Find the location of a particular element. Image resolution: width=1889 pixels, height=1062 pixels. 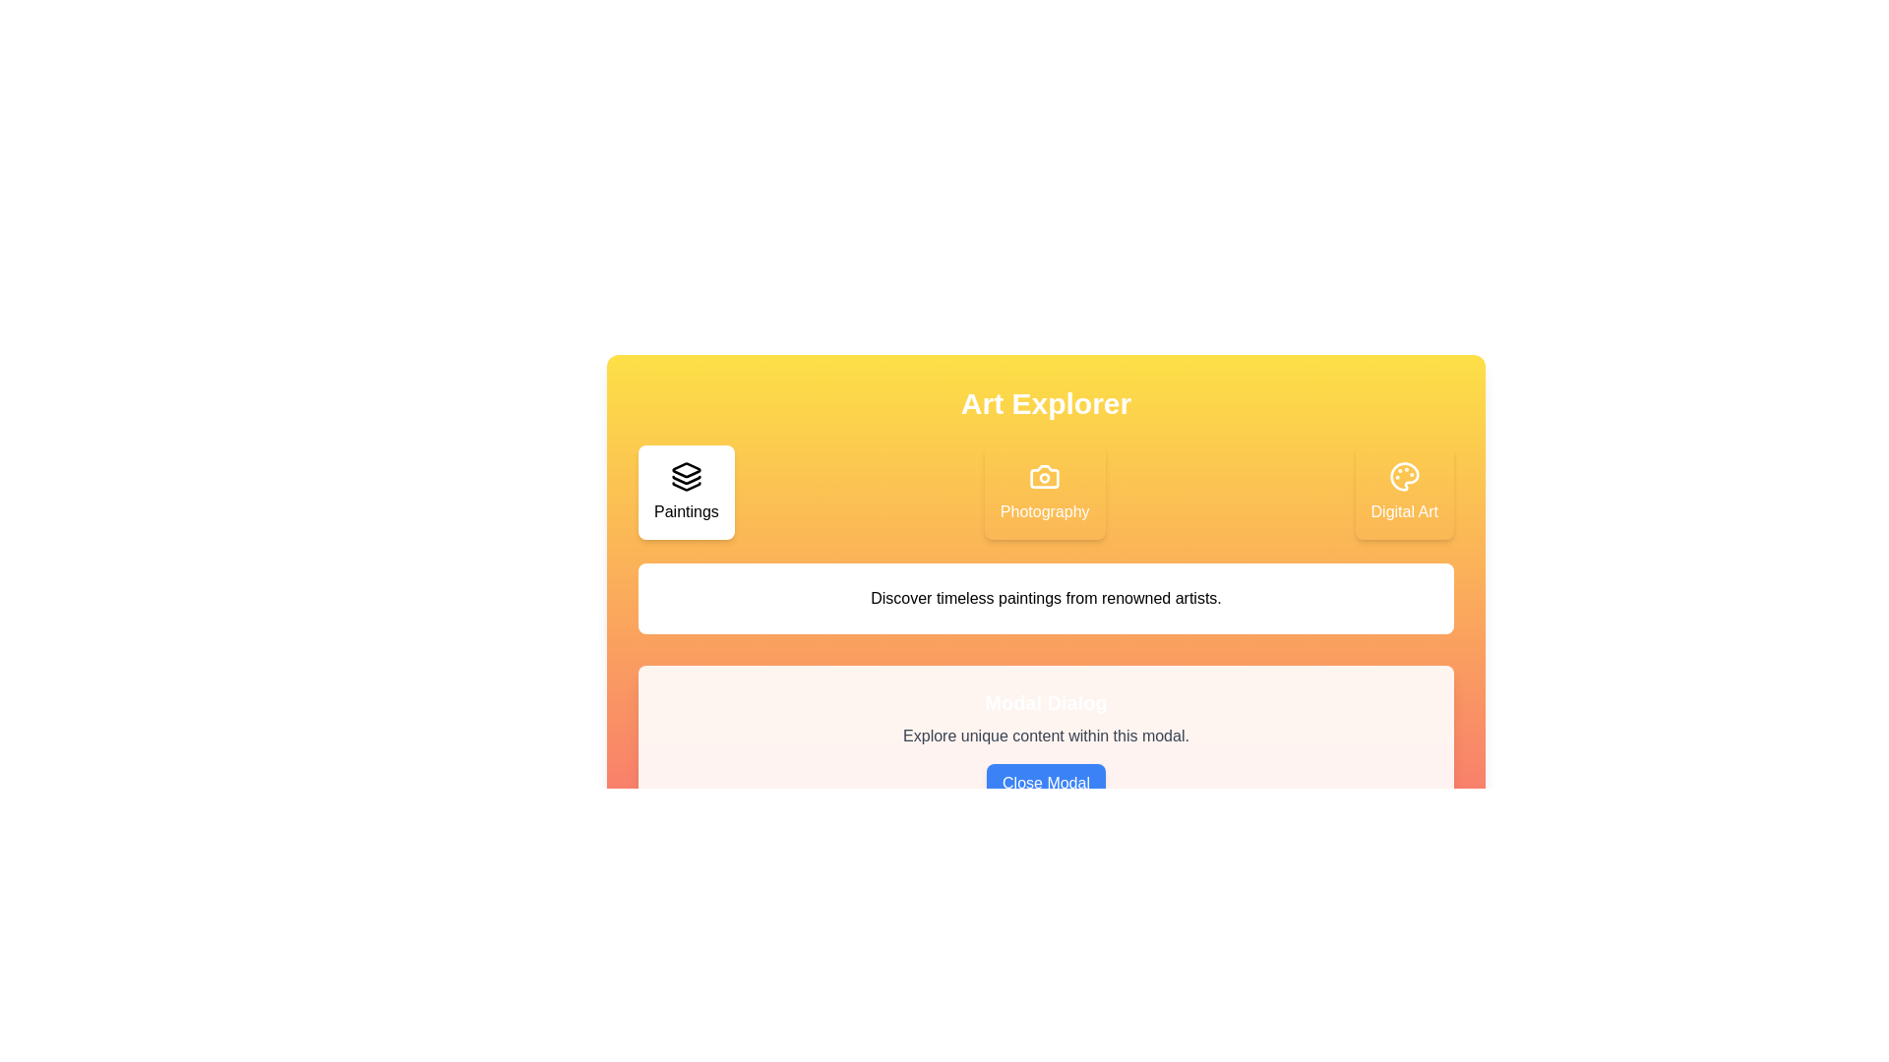

the Digital Art tab to view its content is located at coordinates (1403, 492).